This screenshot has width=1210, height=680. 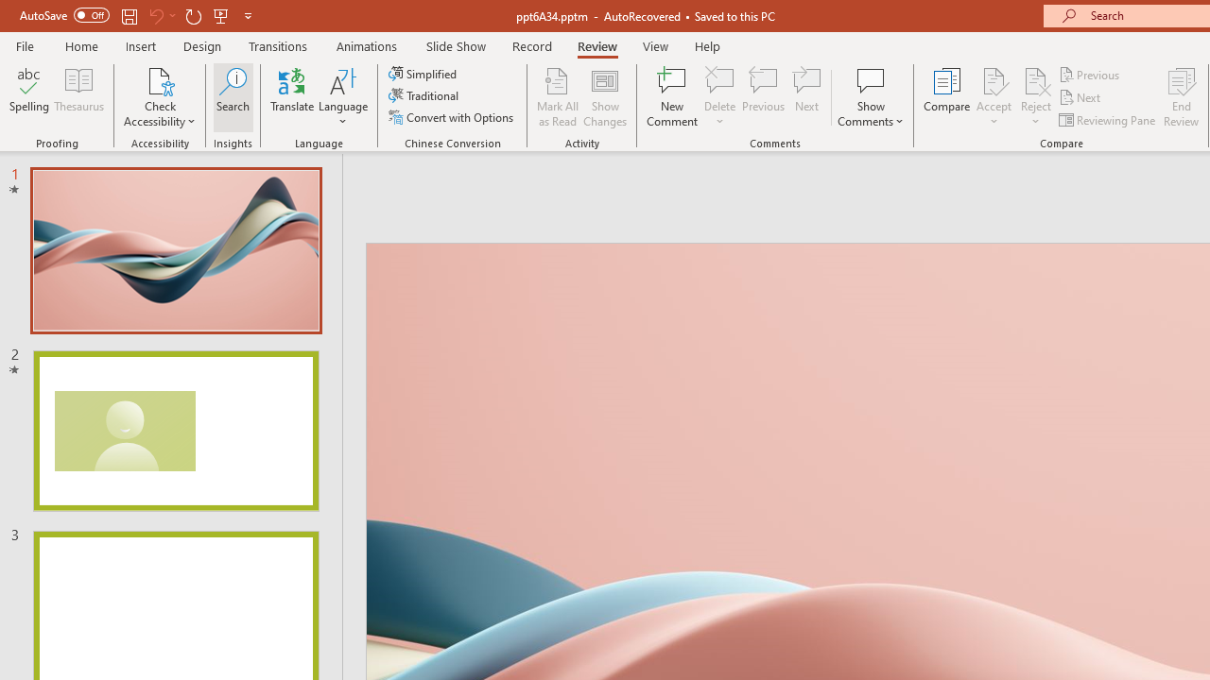 I want to click on 'Delete', so click(x=719, y=79).